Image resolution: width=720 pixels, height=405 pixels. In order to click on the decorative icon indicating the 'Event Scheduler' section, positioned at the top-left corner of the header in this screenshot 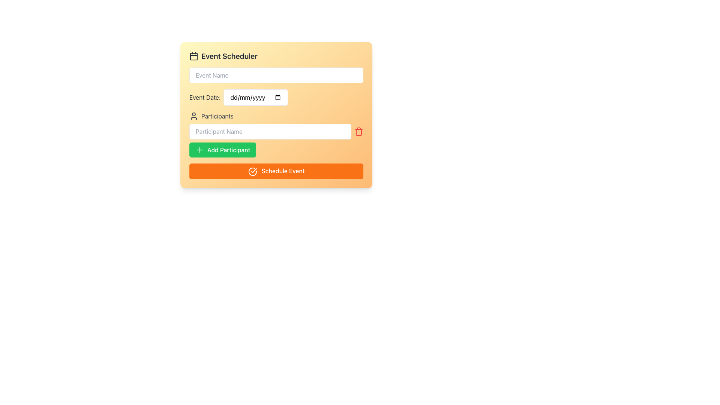, I will do `click(194, 56)`.